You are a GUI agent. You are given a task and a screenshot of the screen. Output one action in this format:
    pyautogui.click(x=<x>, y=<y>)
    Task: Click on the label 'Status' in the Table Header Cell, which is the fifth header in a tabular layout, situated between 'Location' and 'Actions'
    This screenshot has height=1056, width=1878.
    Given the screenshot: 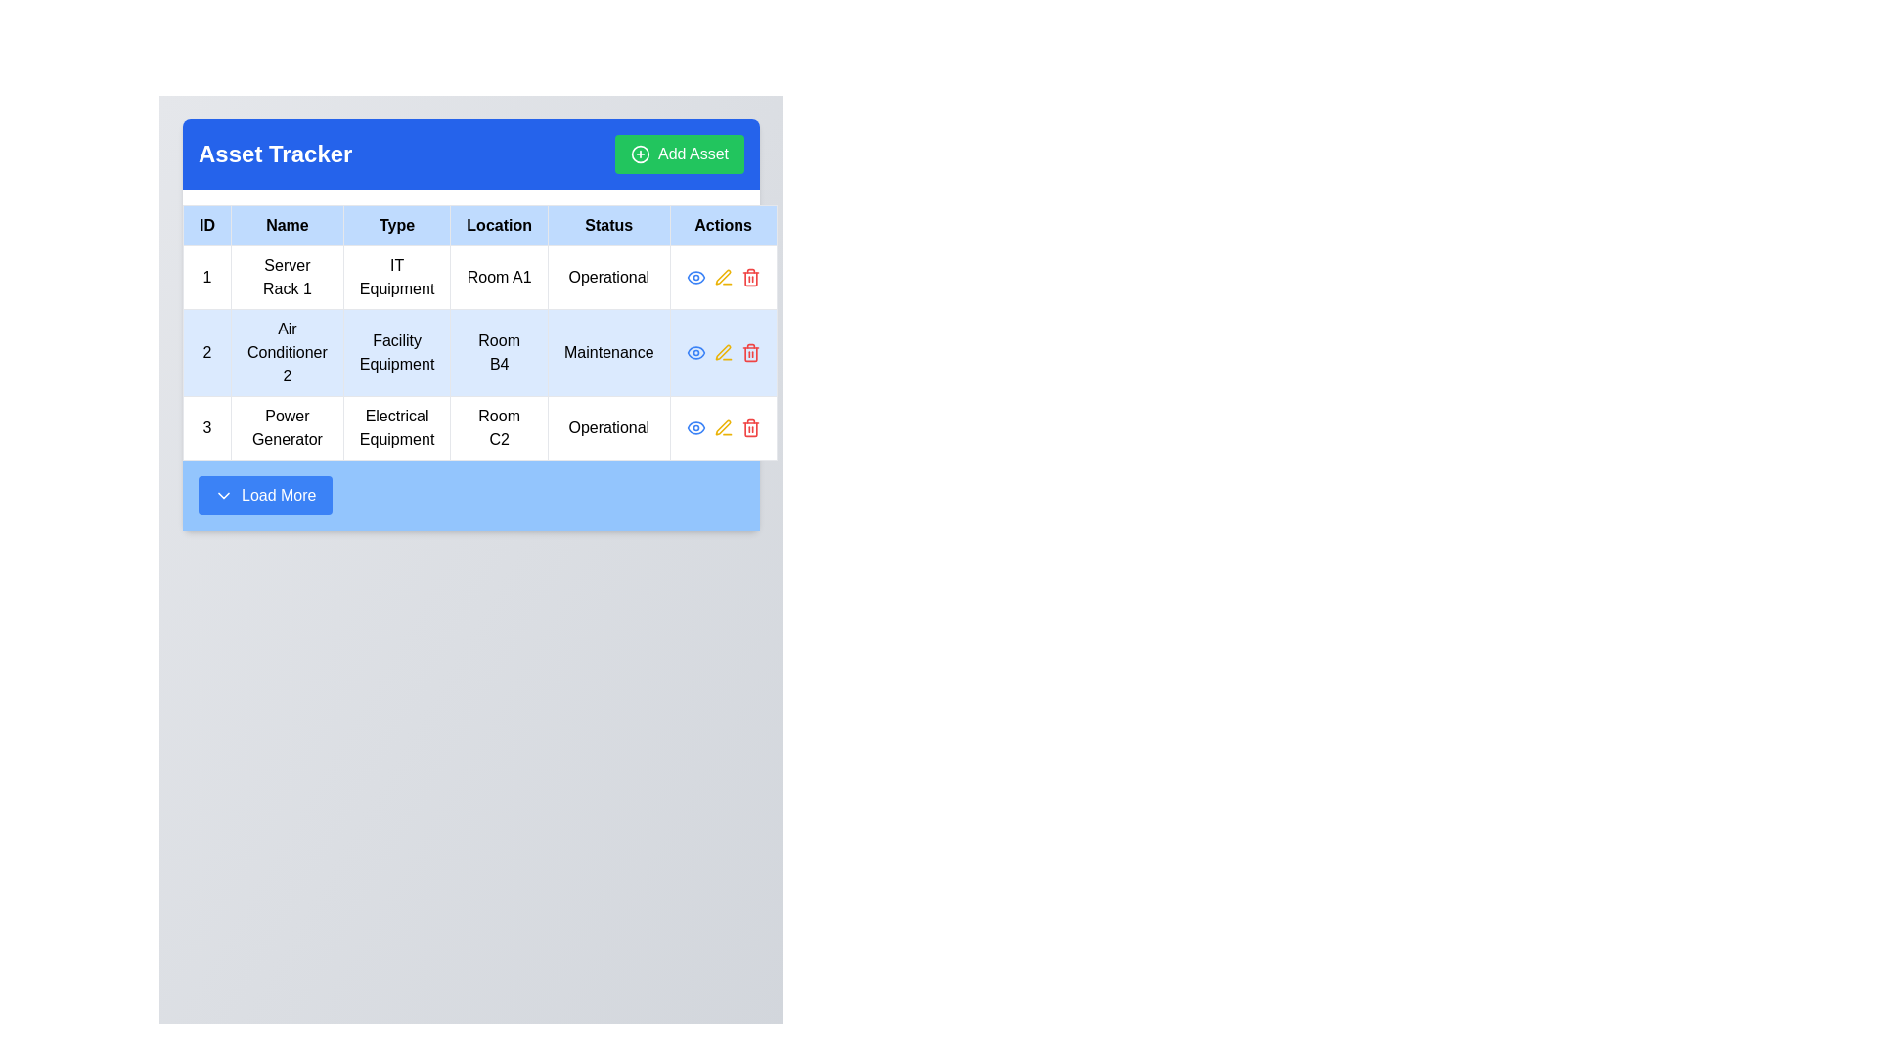 What is the action you would take?
    pyautogui.click(x=607, y=225)
    